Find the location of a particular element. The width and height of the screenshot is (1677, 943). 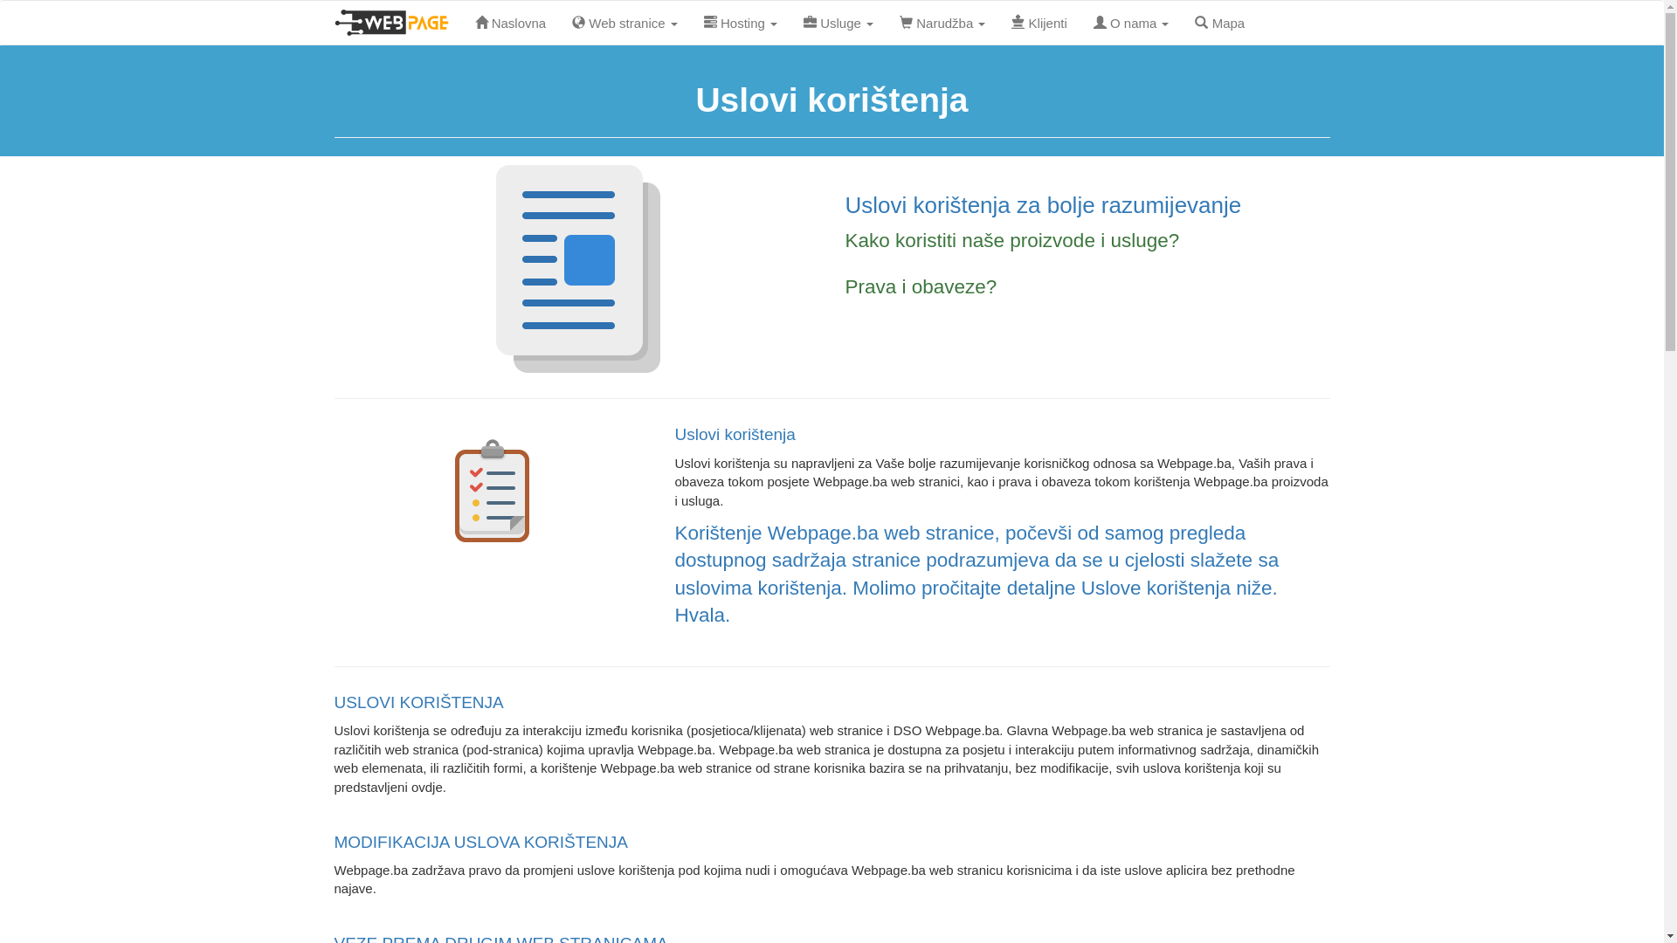

'Usluge' is located at coordinates (838, 23).